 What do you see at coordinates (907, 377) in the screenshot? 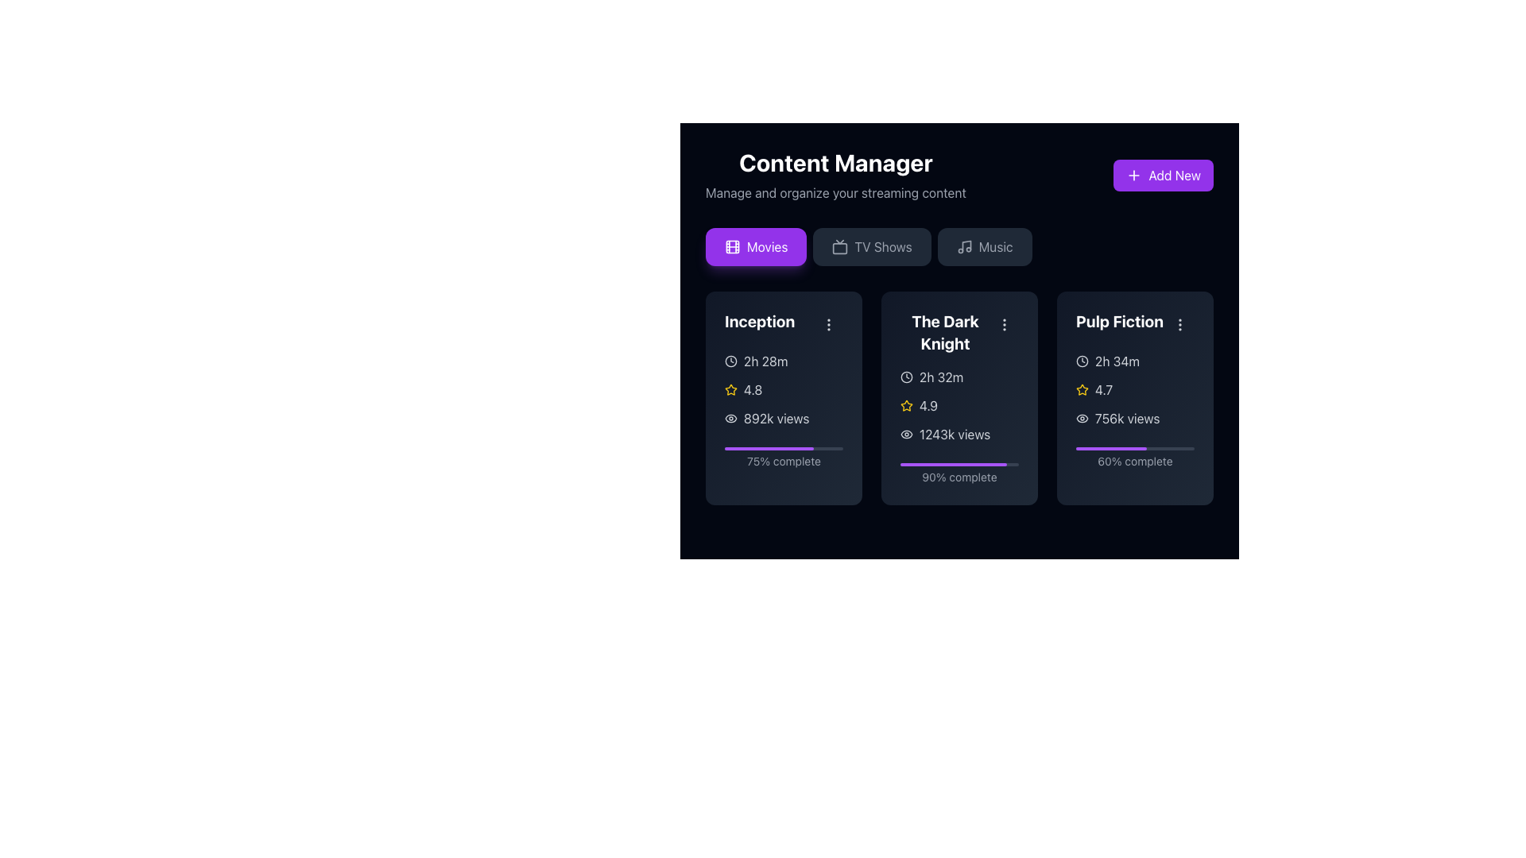
I see `the movie duration icon located at the top-left corner of the card titled 'The Dark Knight', adjacent to the text '2h 32m'` at bounding box center [907, 377].